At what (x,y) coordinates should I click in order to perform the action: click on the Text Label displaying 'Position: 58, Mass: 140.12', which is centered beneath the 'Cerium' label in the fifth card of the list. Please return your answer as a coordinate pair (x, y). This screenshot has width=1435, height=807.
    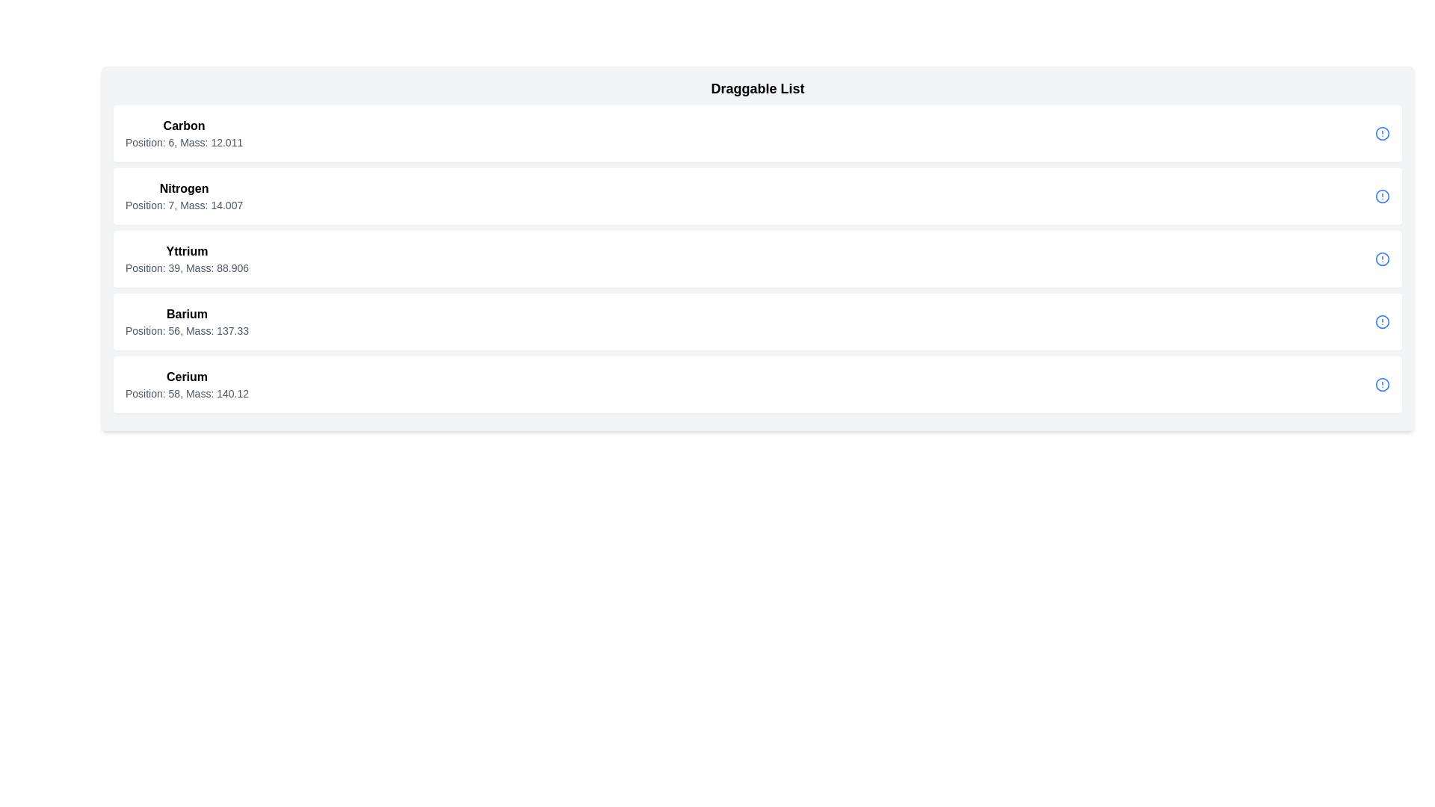
    Looking at the image, I should click on (186, 393).